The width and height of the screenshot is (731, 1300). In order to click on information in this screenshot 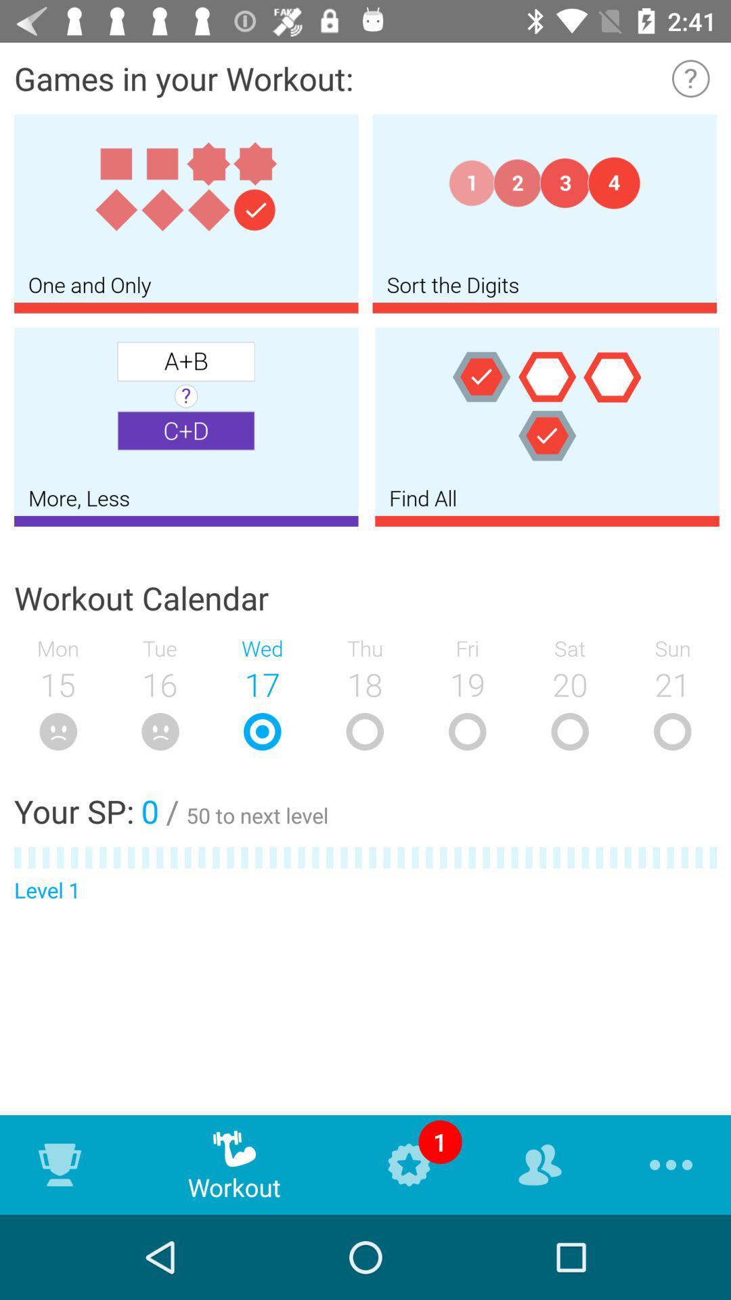, I will do `click(690, 77)`.